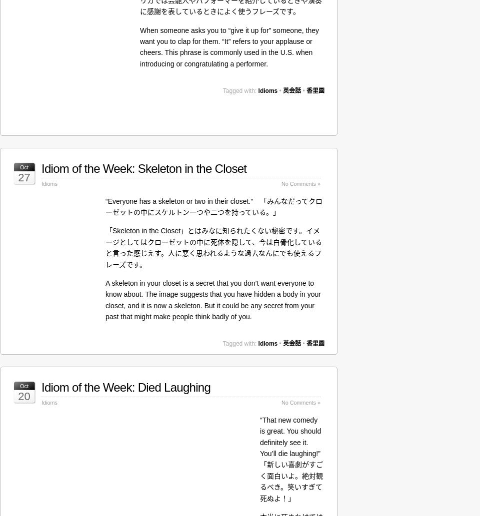 The height and width of the screenshot is (516, 480). What do you see at coordinates (23, 396) in the screenshot?
I see `'20'` at bounding box center [23, 396].